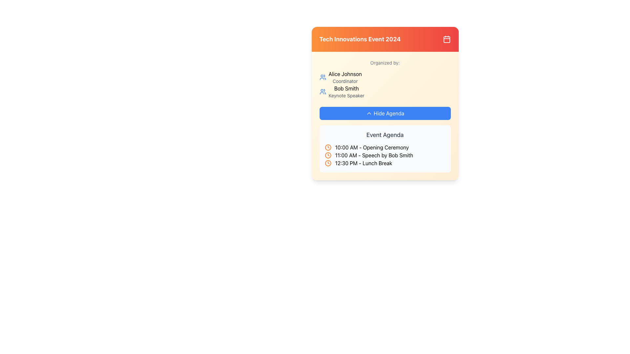  I want to click on the Information display block that presents details about the event's organizers, located within the 'Tech Innovations Event 2024' panel, above the 'Hide Agenda' button, so click(385, 89).